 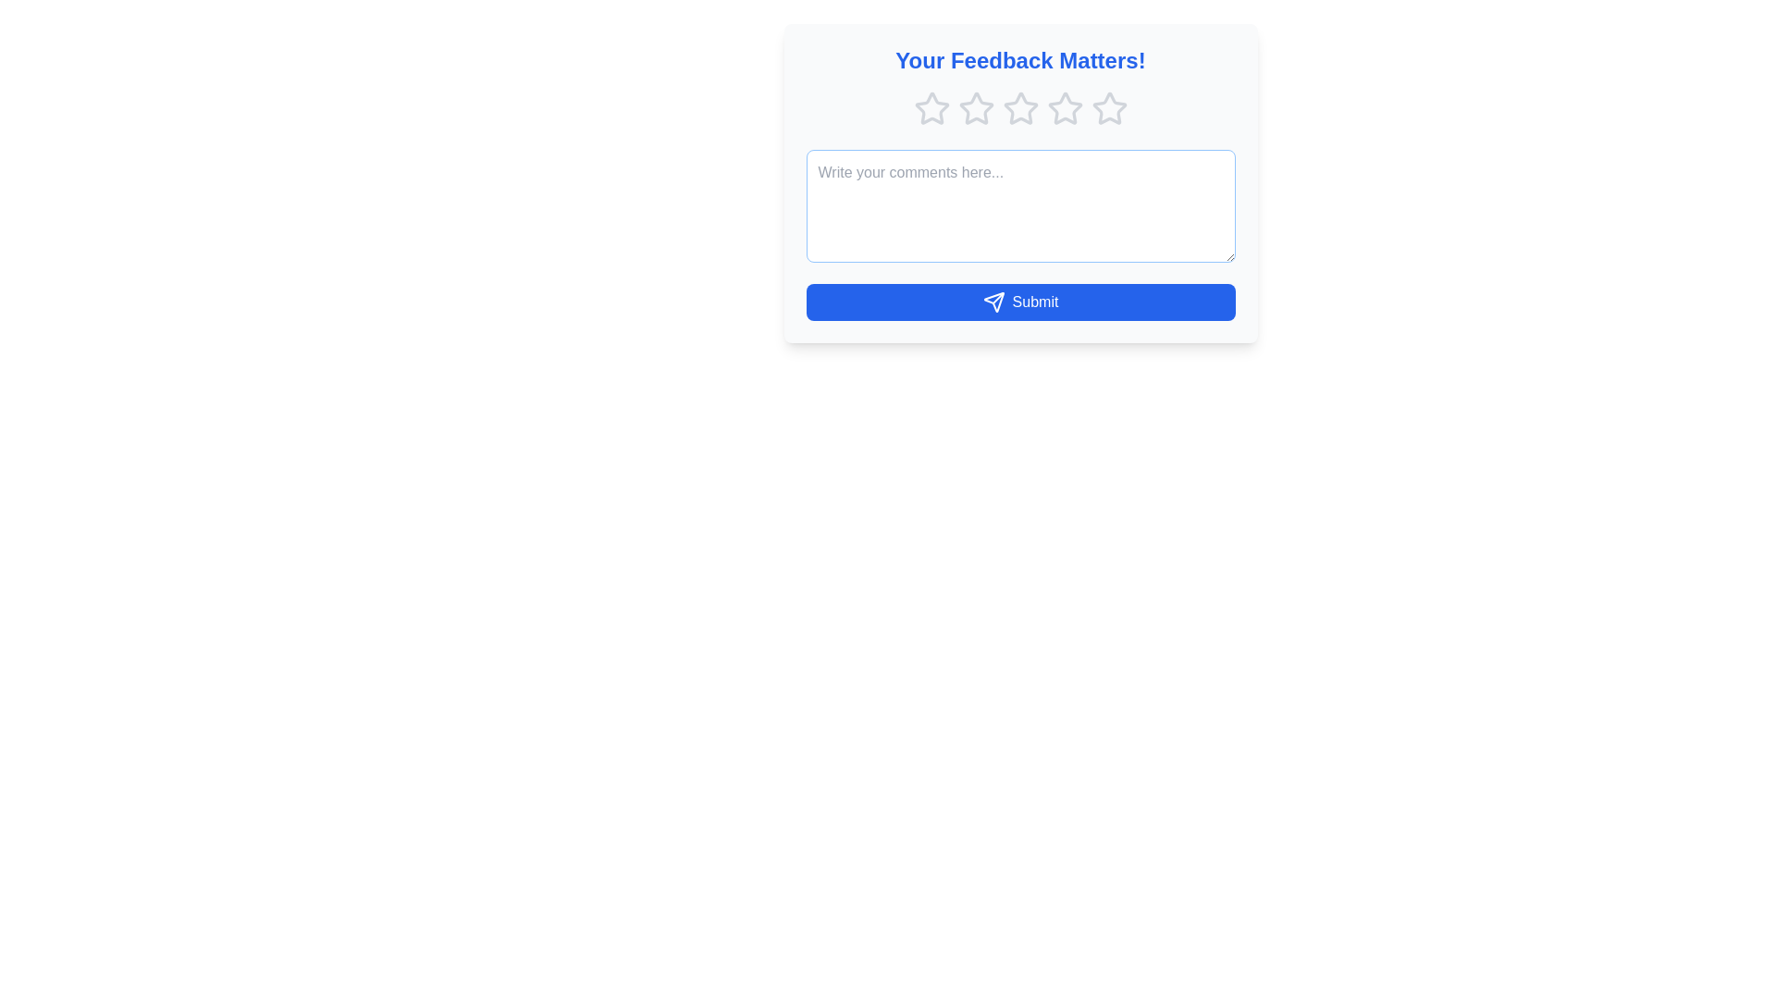 I want to click on the first rating star icon located below the text 'Your Feedback Matters!', so click(x=931, y=109).